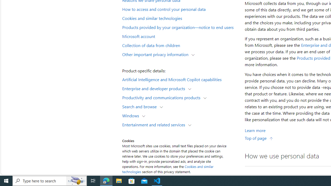  I want to click on 'Top of page', so click(259, 138).